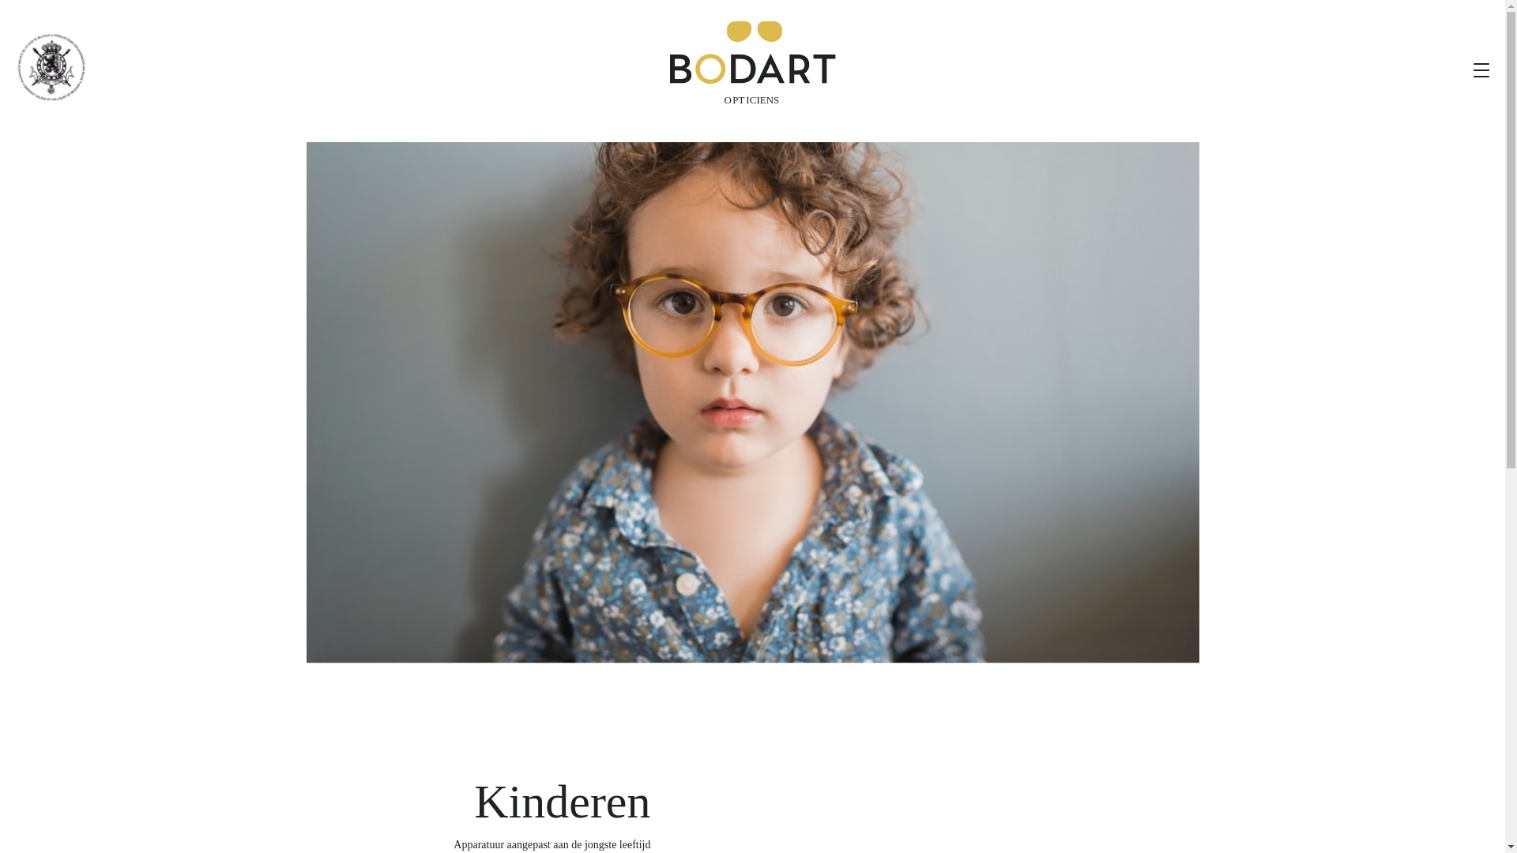 This screenshot has width=1517, height=853. Describe the element at coordinates (752, 62) in the screenshot. I see `'Bodart Opticiens'` at that location.